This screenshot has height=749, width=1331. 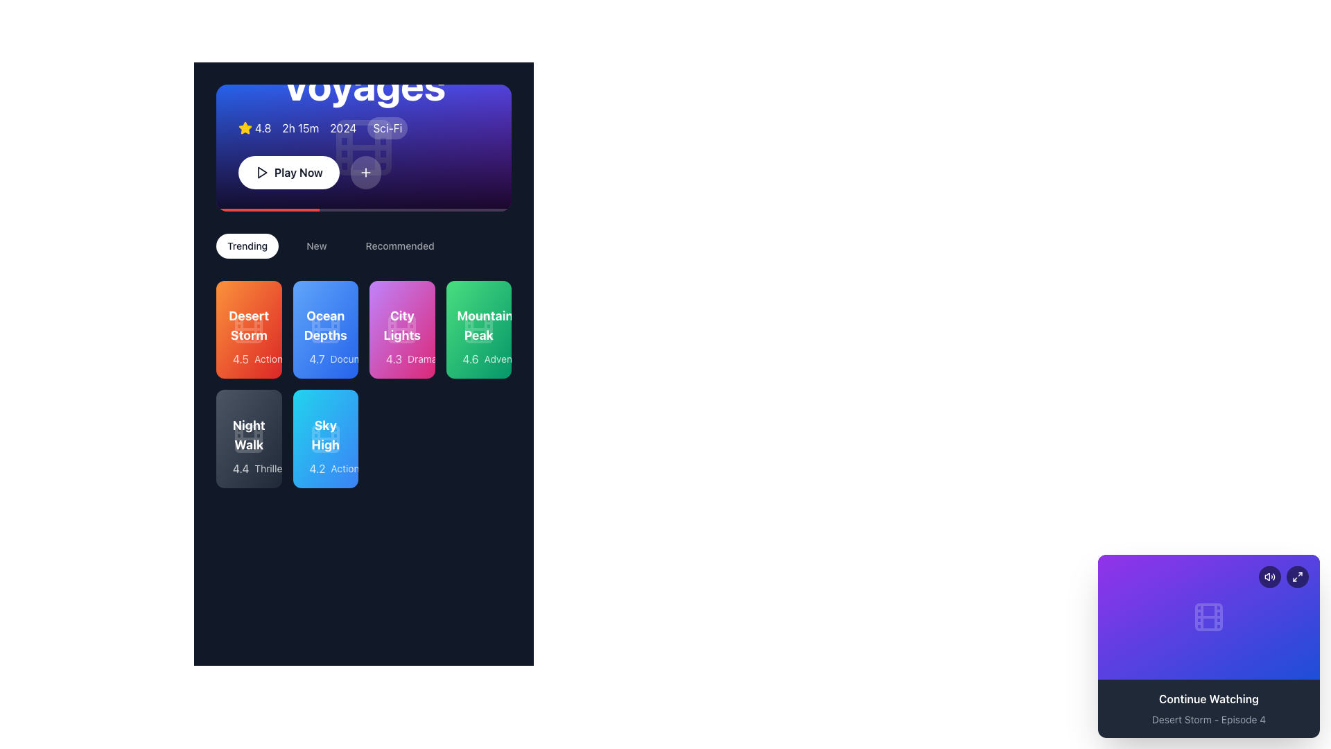 I want to click on text label that indicates the genre of the card, which is located within the blue card labeled 'Sky High' and describes the content as 'Action', so click(x=345, y=468).